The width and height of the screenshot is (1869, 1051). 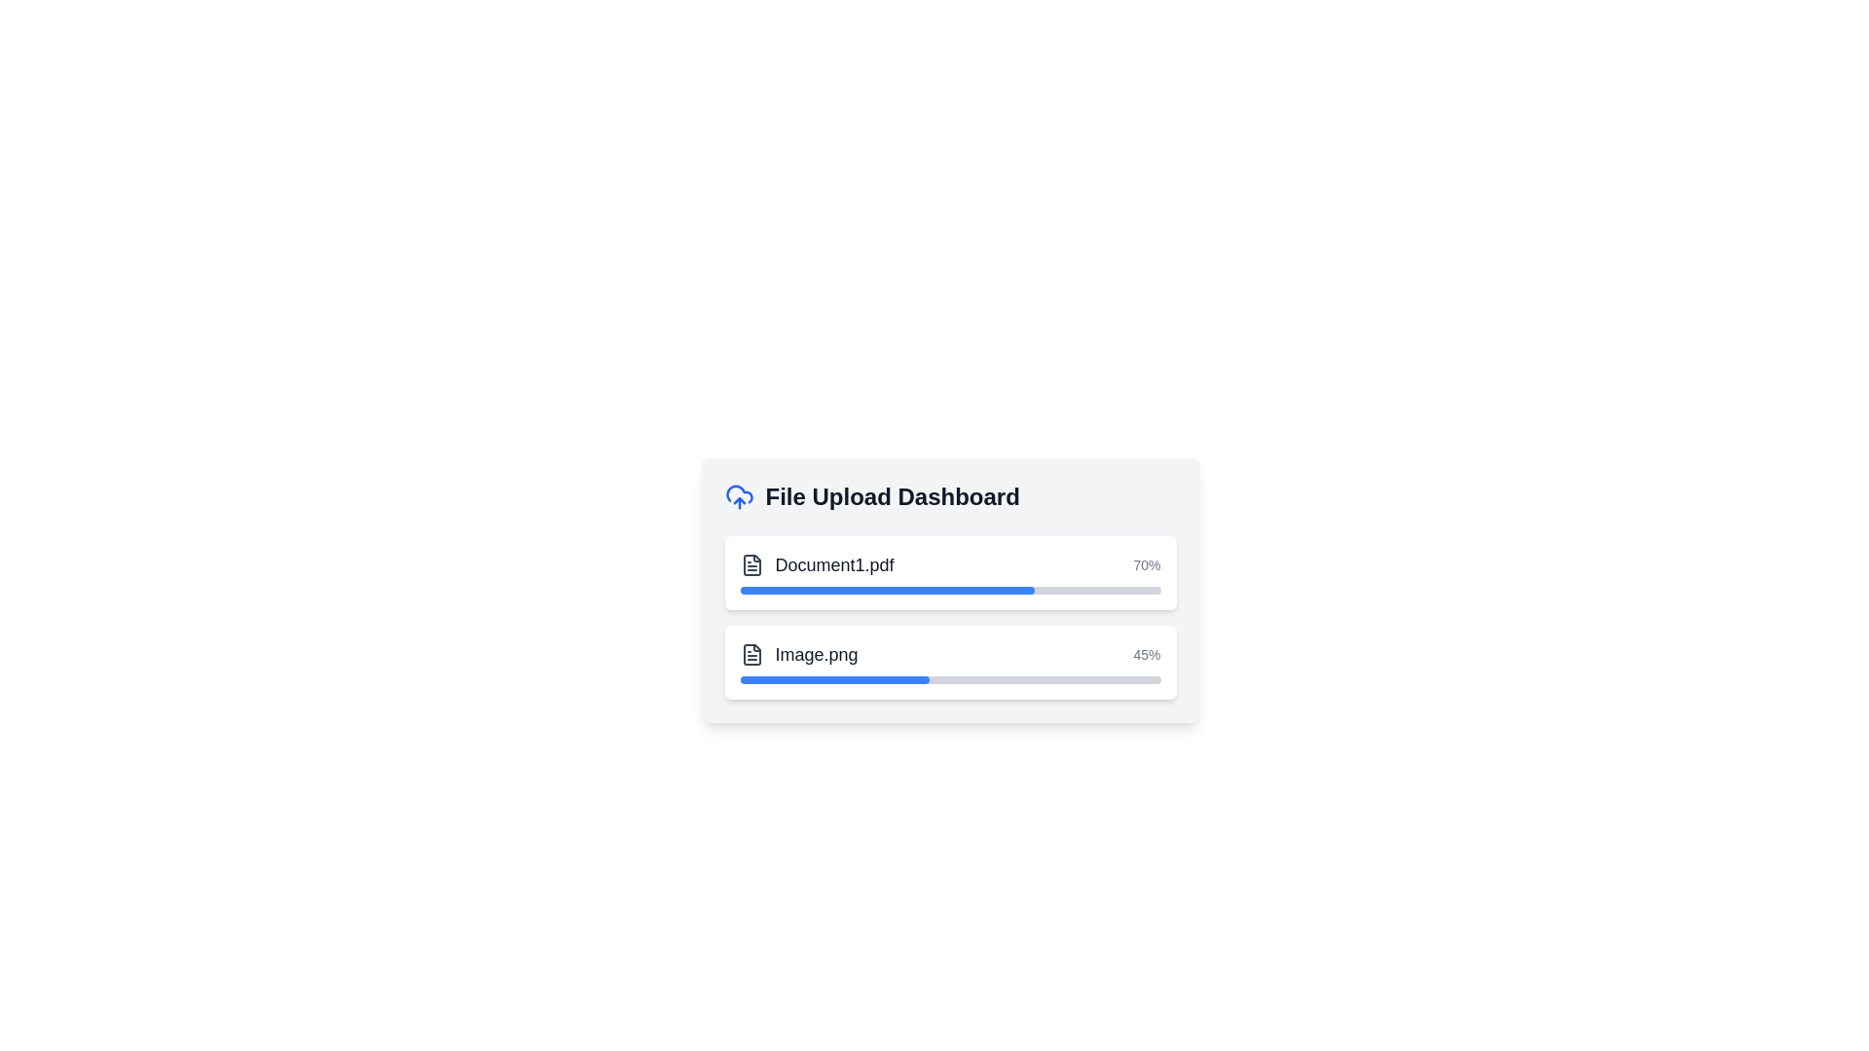 I want to click on the Informational panel titled 'File Upload Dashboard' that displays file upload progress and details, so click(x=950, y=589).